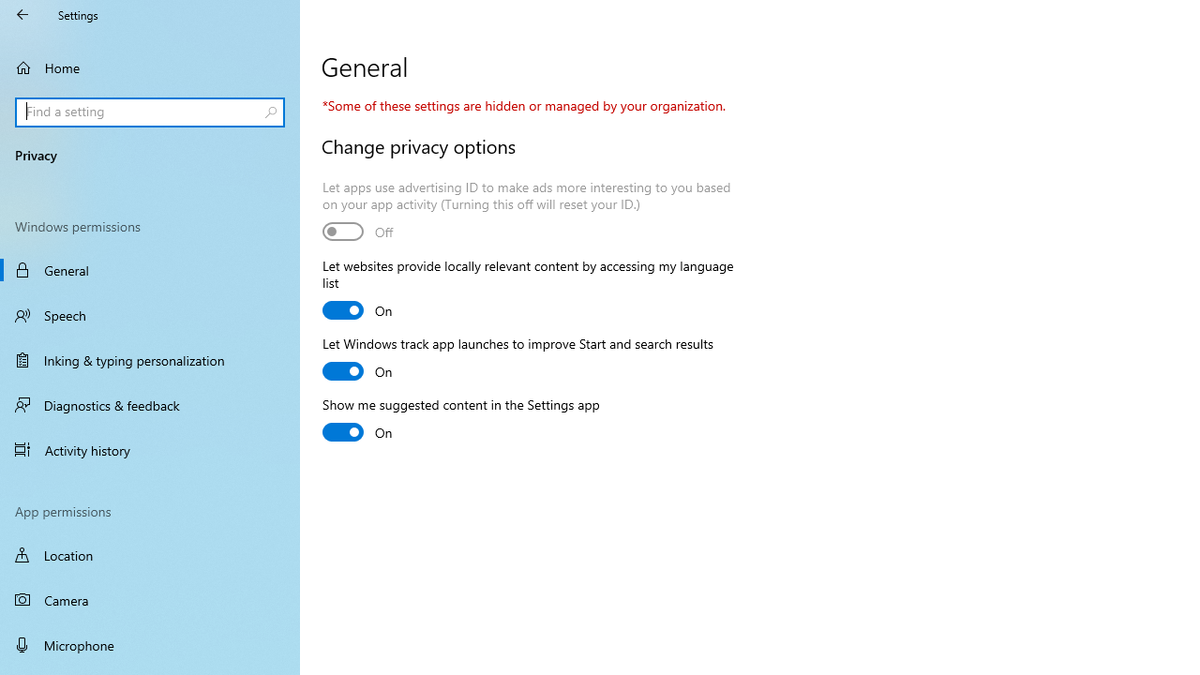  Describe the element at coordinates (150, 449) in the screenshot. I see `'Activity history'` at that location.